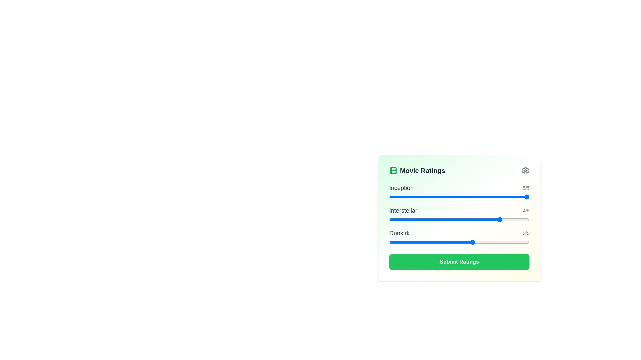 The width and height of the screenshot is (641, 360). What do you see at coordinates (389, 242) in the screenshot?
I see `the Dunkirk movie rating` at bounding box center [389, 242].